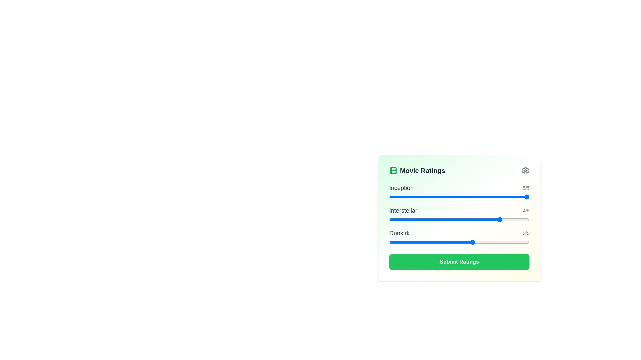 The width and height of the screenshot is (641, 360). What do you see at coordinates (389, 242) in the screenshot?
I see `the Dunkirk movie rating` at bounding box center [389, 242].